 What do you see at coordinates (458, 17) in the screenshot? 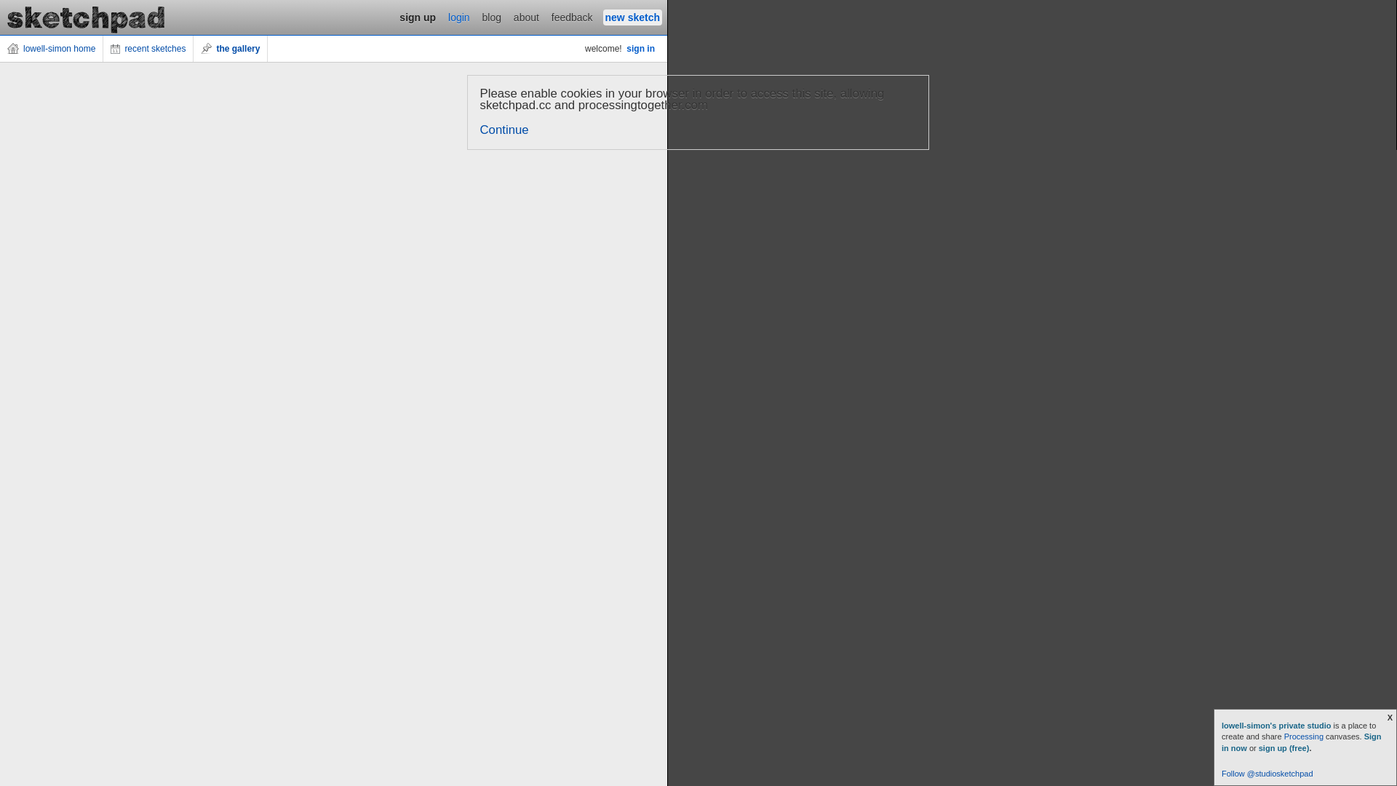
I see `'login'` at bounding box center [458, 17].